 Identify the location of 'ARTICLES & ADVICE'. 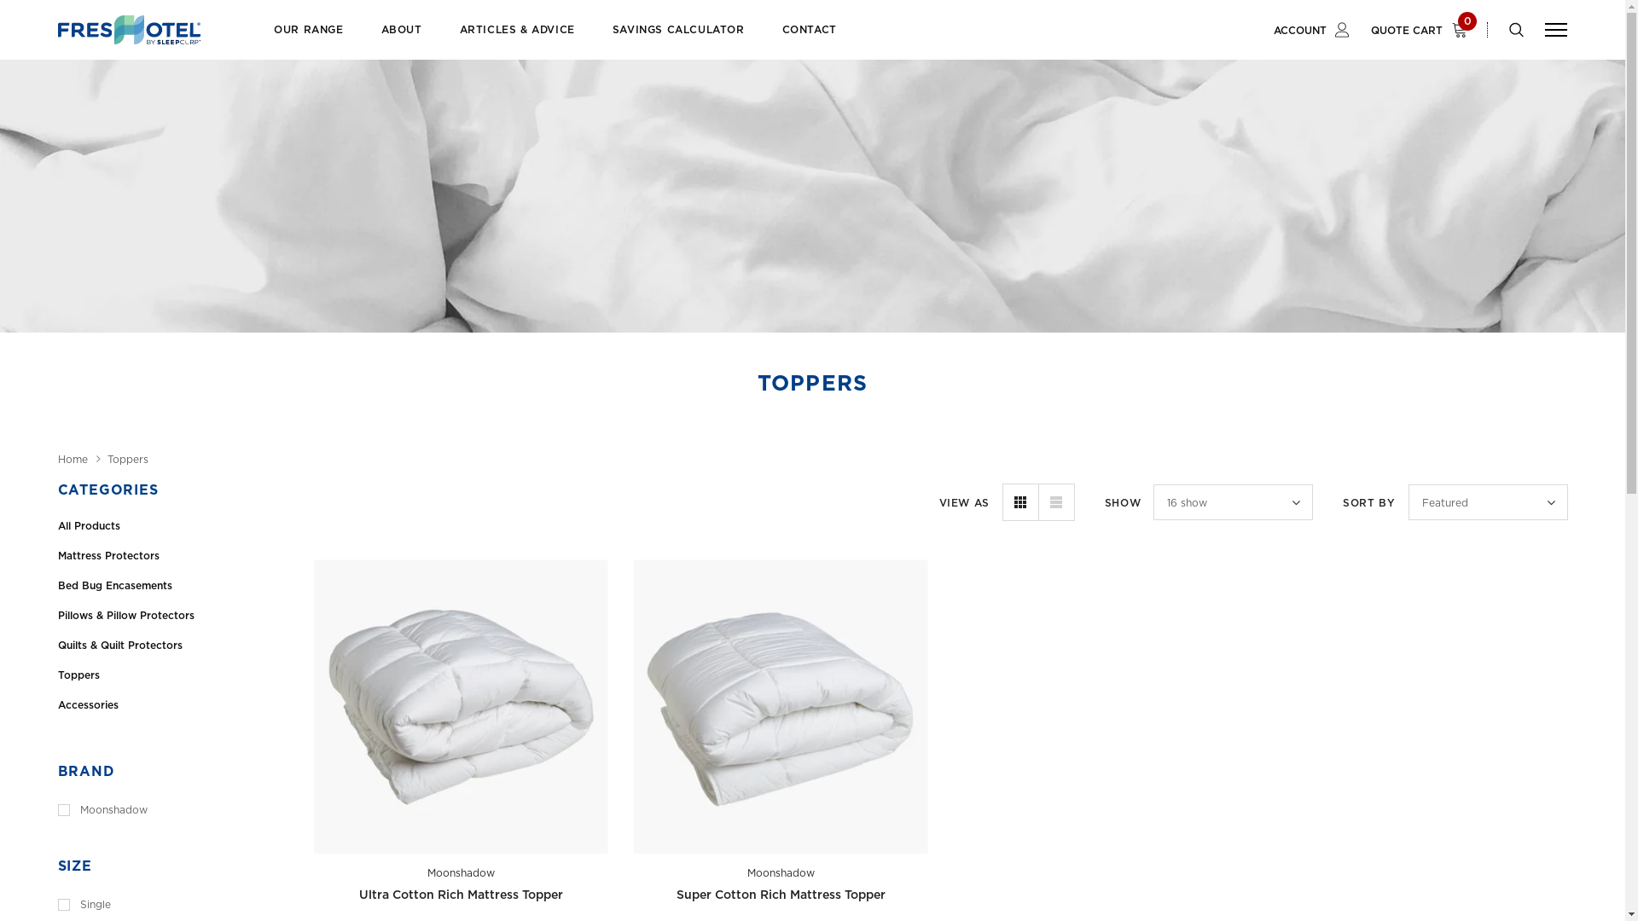
(516, 38).